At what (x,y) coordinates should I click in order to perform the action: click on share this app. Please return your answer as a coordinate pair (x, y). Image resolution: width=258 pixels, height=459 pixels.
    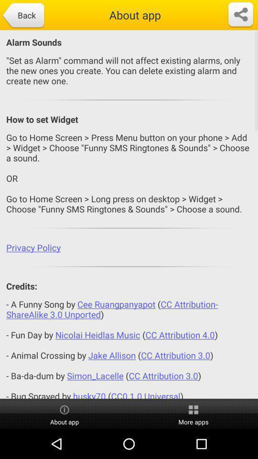
    Looking at the image, I should click on (240, 14).